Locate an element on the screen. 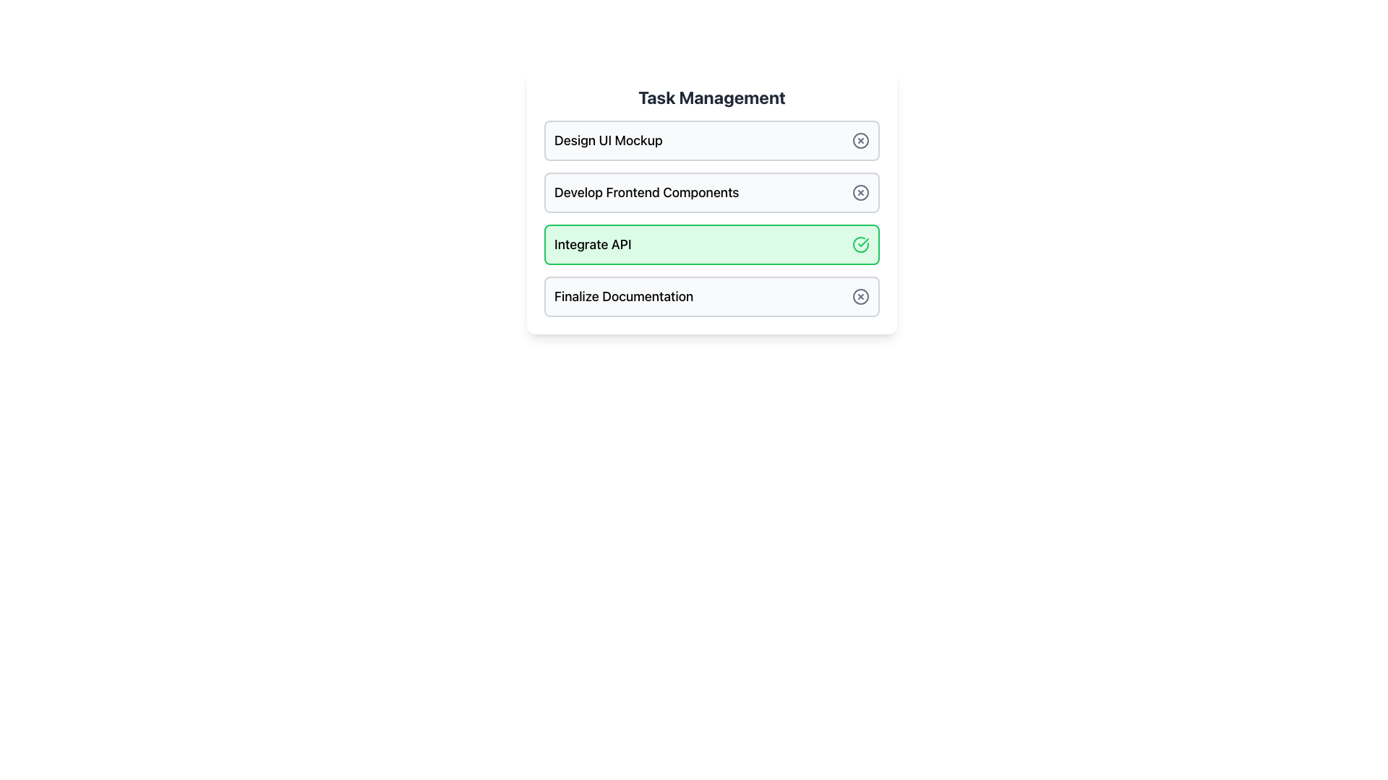 This screenshot has height=780, width=1388. the cancel button for the 'Develop Frontend Components' task located in the second row of the task management interface is located at coordinates (860, 191).